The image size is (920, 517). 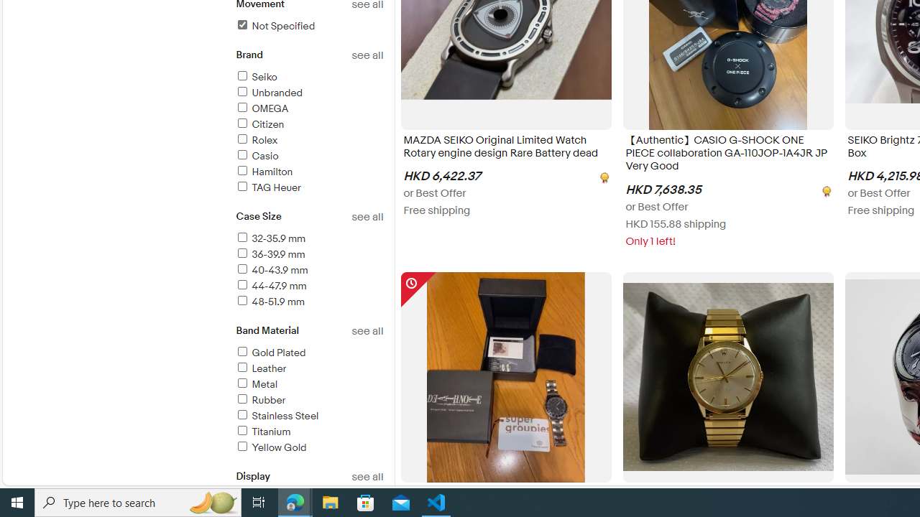 What do you see at coordinates (308, 93) in the screenshot?
I see `'Unbranded'` at bounding box center [308, 93].